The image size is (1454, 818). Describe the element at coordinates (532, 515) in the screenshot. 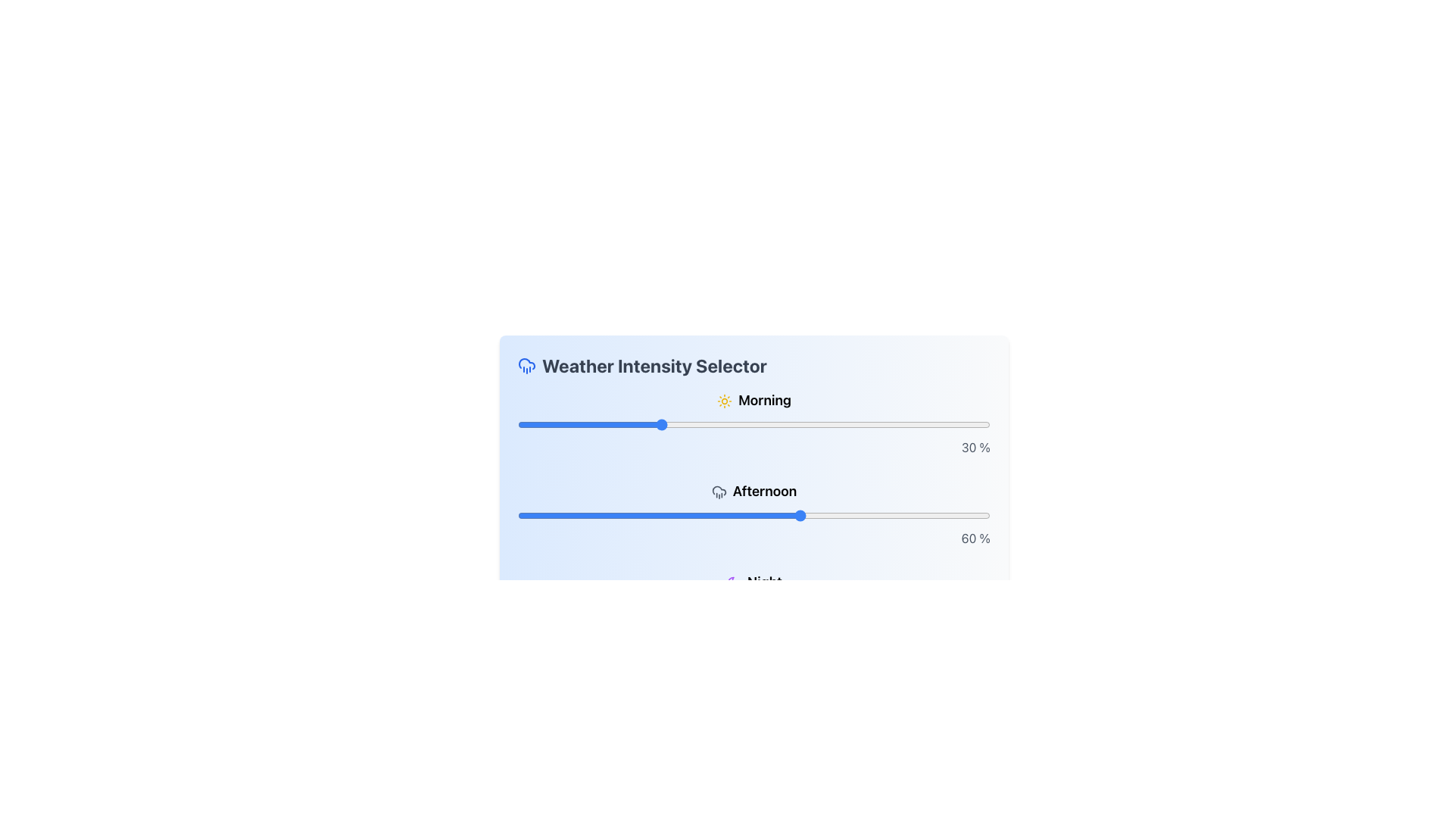

I see `the afternoon slider` at that location.